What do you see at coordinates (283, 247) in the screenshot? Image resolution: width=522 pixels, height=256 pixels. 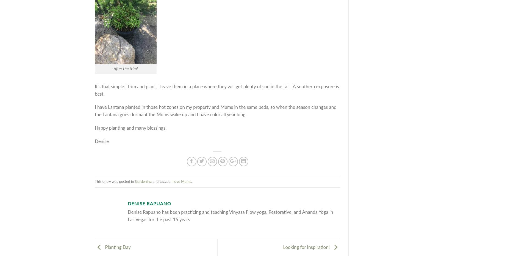 I see `'Looking for Inspiration!'` at bounding box center [283, 247].